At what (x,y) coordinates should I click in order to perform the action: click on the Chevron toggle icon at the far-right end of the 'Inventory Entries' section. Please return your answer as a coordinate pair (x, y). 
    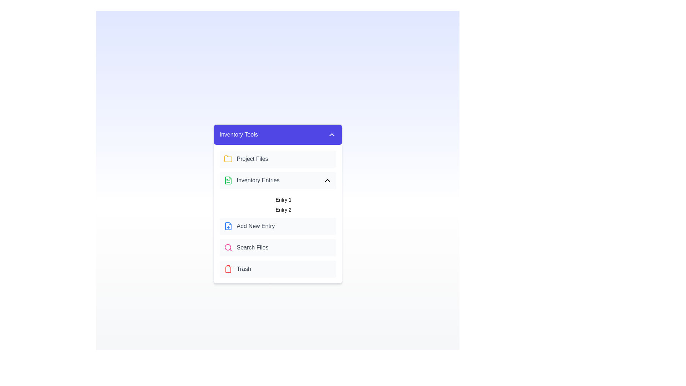
    Looking at the image, I should click on (327, 180).